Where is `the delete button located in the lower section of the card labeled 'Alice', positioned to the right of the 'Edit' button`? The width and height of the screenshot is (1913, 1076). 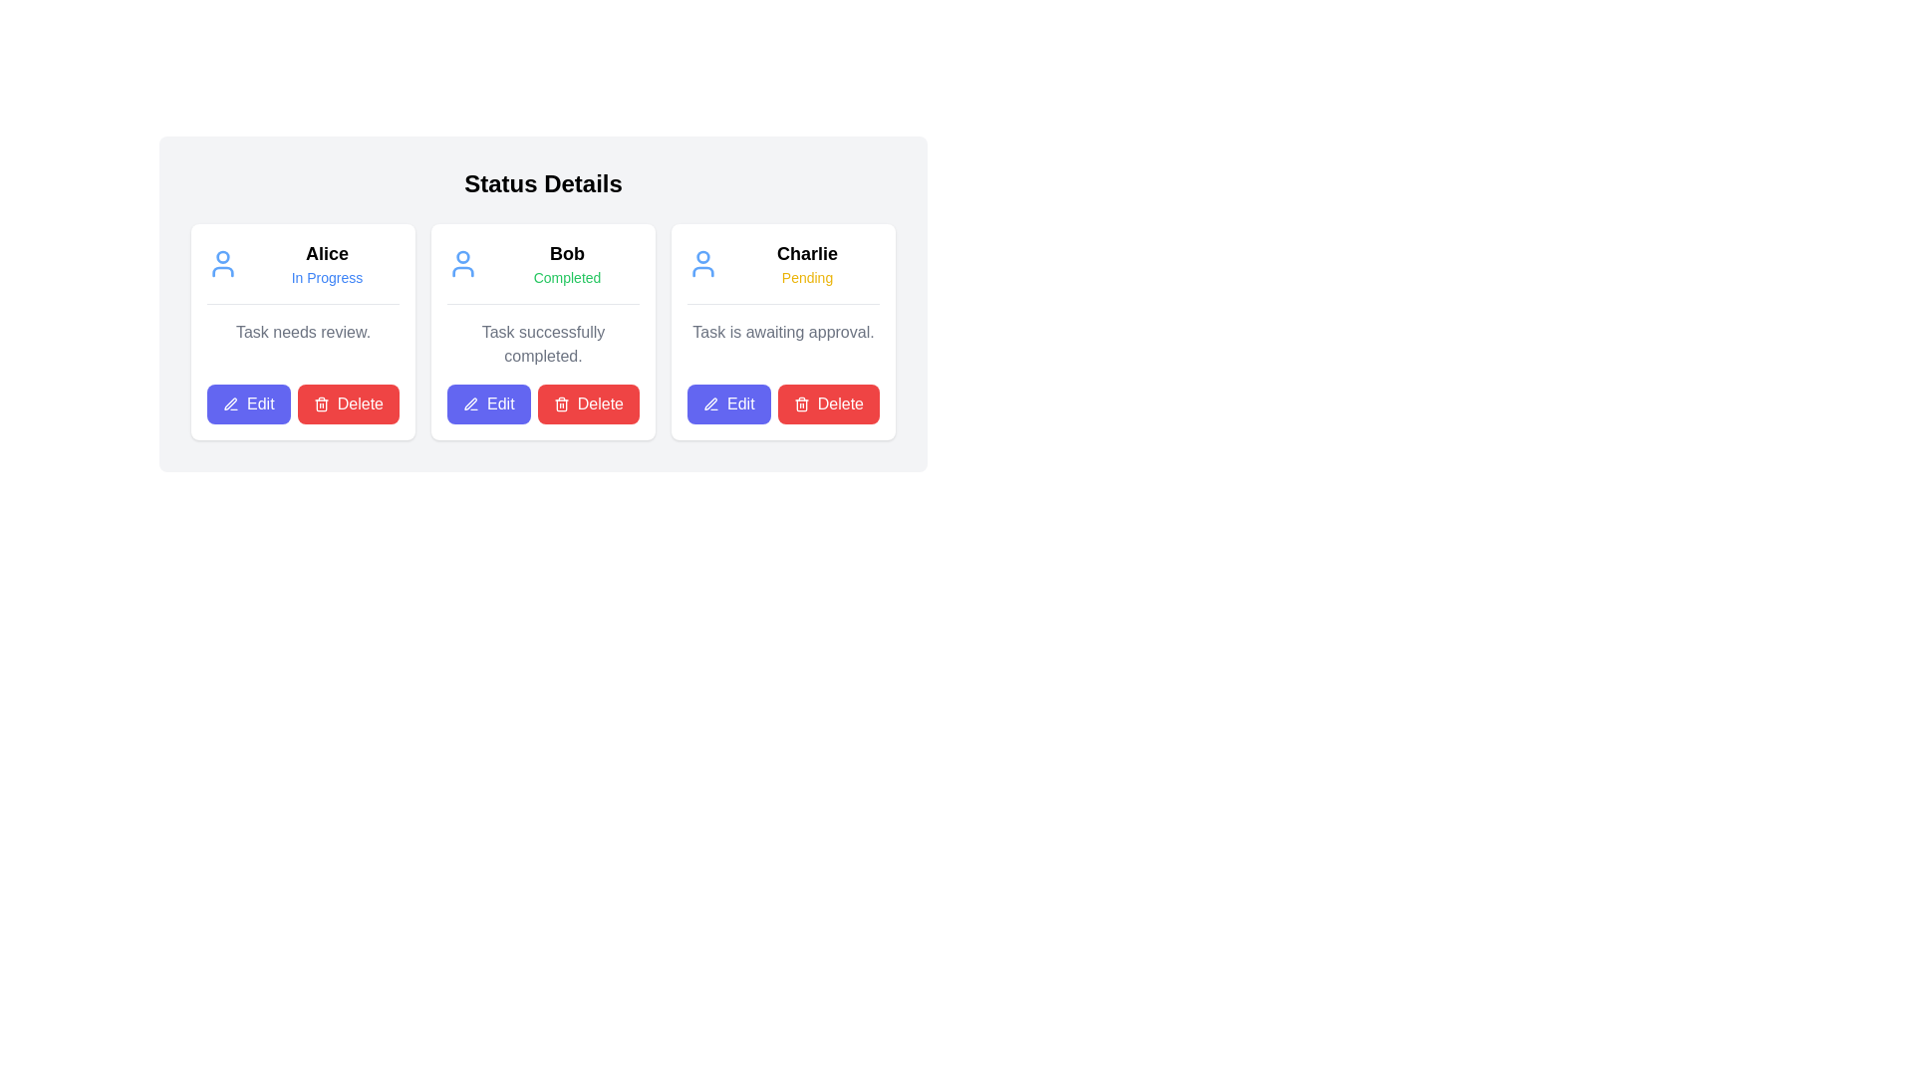
the delete button located in the lower section of the card labeled 'Alice', positioned to the right of the 'Edit' button is located at coordinates (348, 403).